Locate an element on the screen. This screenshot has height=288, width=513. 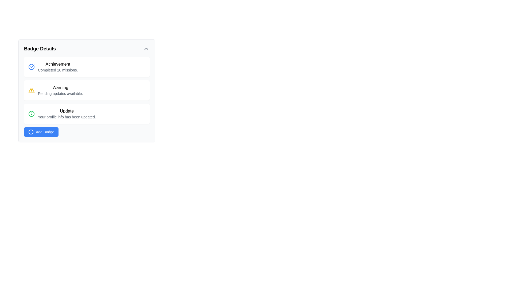
the text element that informs the user about pending updates, located in the 'Badge Details' section, directly below the 'Warning' label is located at coordinates (60, 93).